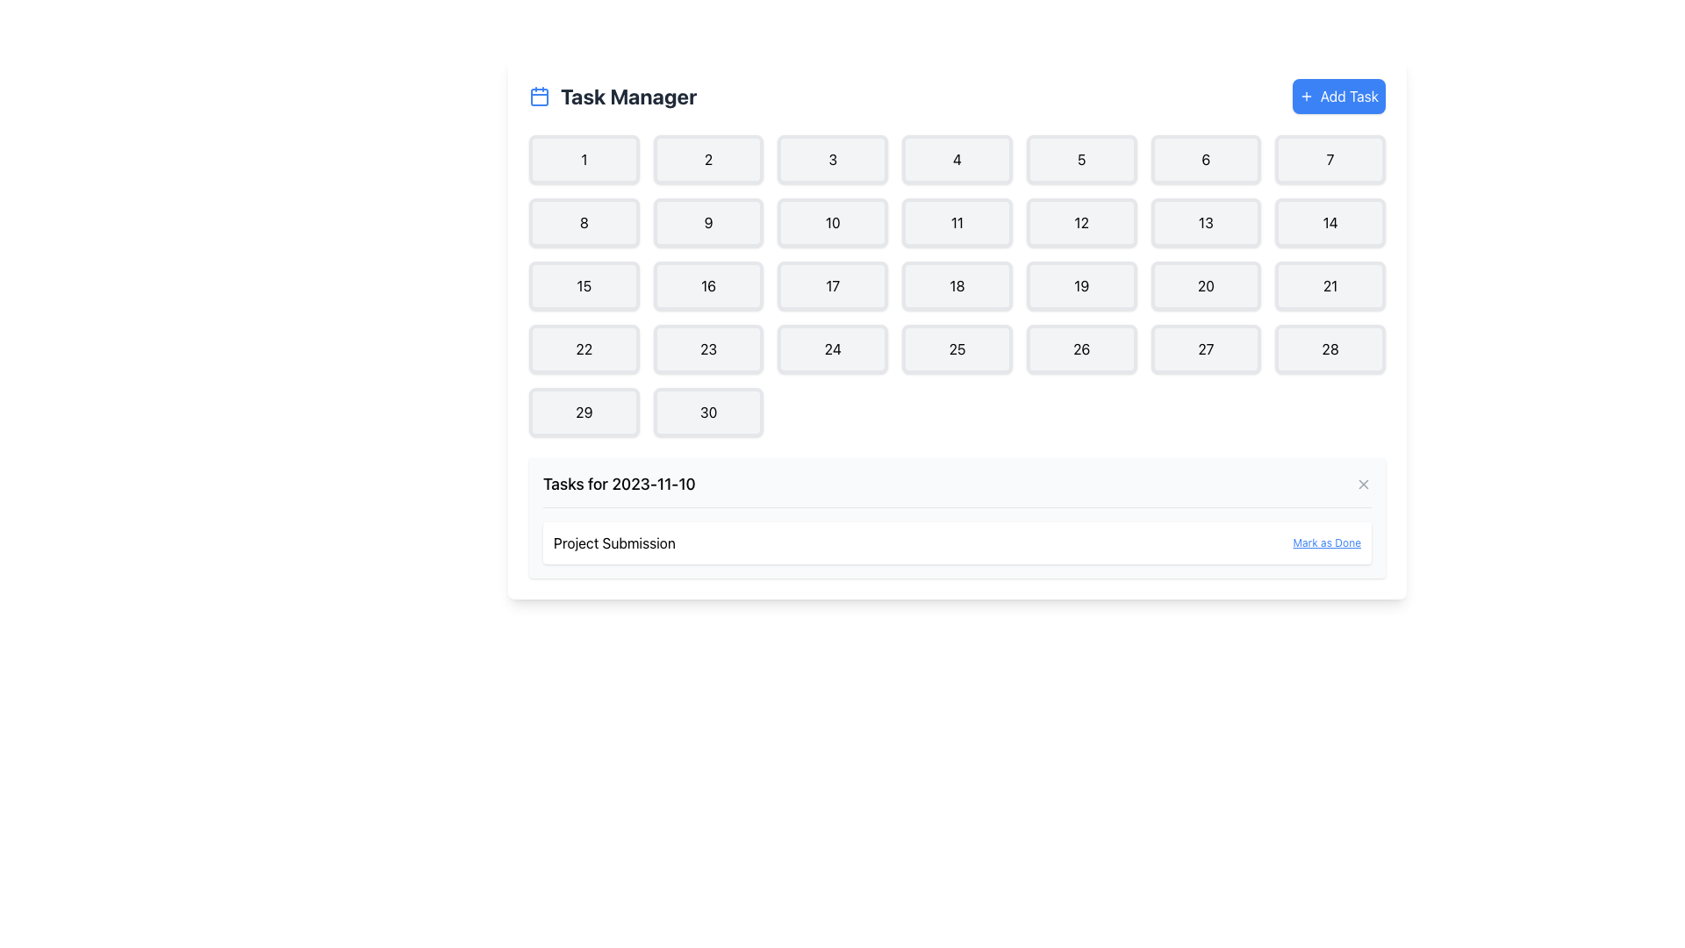 This screenshot has height=948, width=1685. I want to click on the button representing a day in the calendar view located in the sixth column of the first row, so click(1205, 159).